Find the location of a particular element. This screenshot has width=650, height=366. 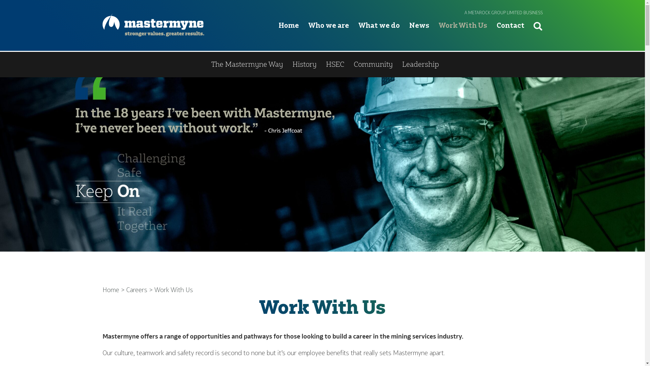

'Leadership' is located at coordinates (420, 64).